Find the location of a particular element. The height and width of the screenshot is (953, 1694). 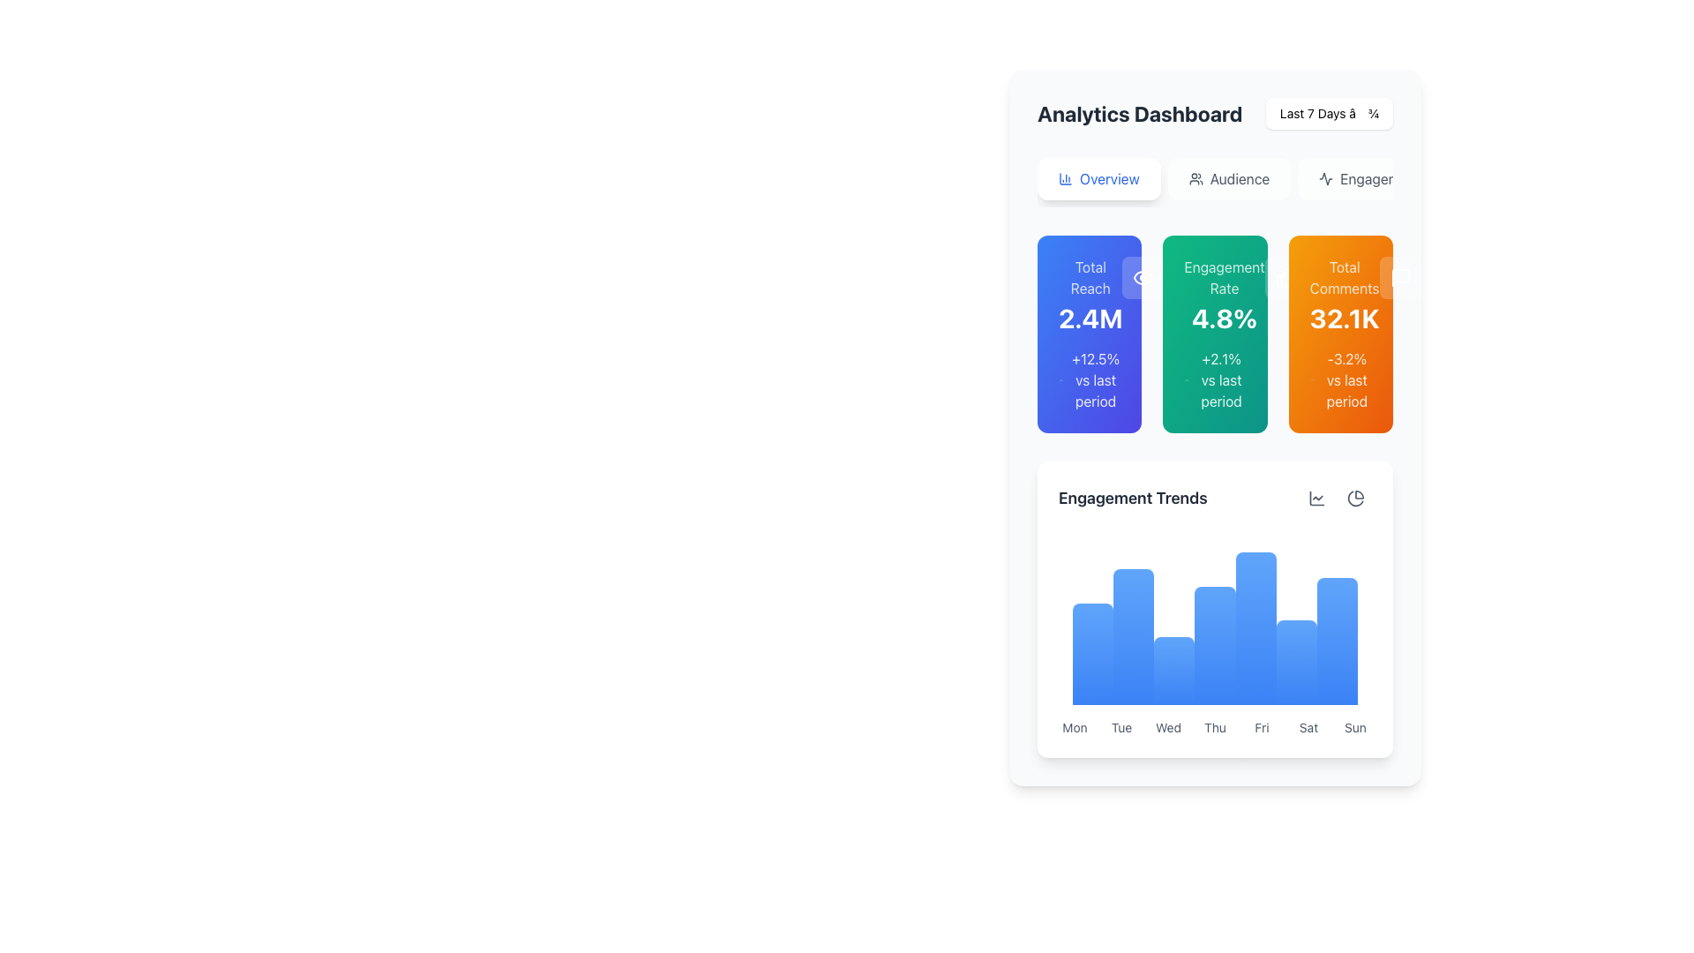

the text label displaying the percentage change '+12.5%' for the 'Total Reach' metric, located at the bottom of the blue card on the leftmost side of the trio of statistic cards is located at coordinates (1095, 379).